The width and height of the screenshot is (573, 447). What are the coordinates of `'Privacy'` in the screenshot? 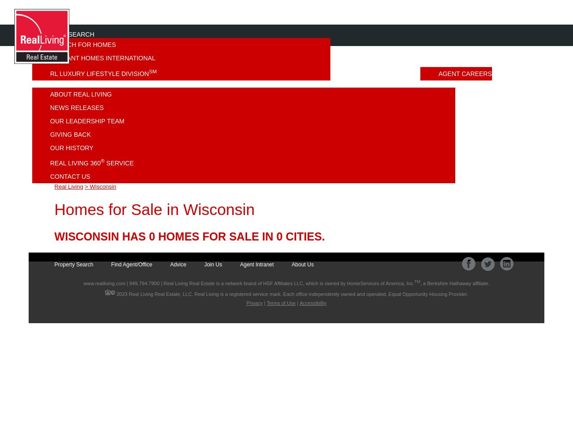 It's located at (253, 303).